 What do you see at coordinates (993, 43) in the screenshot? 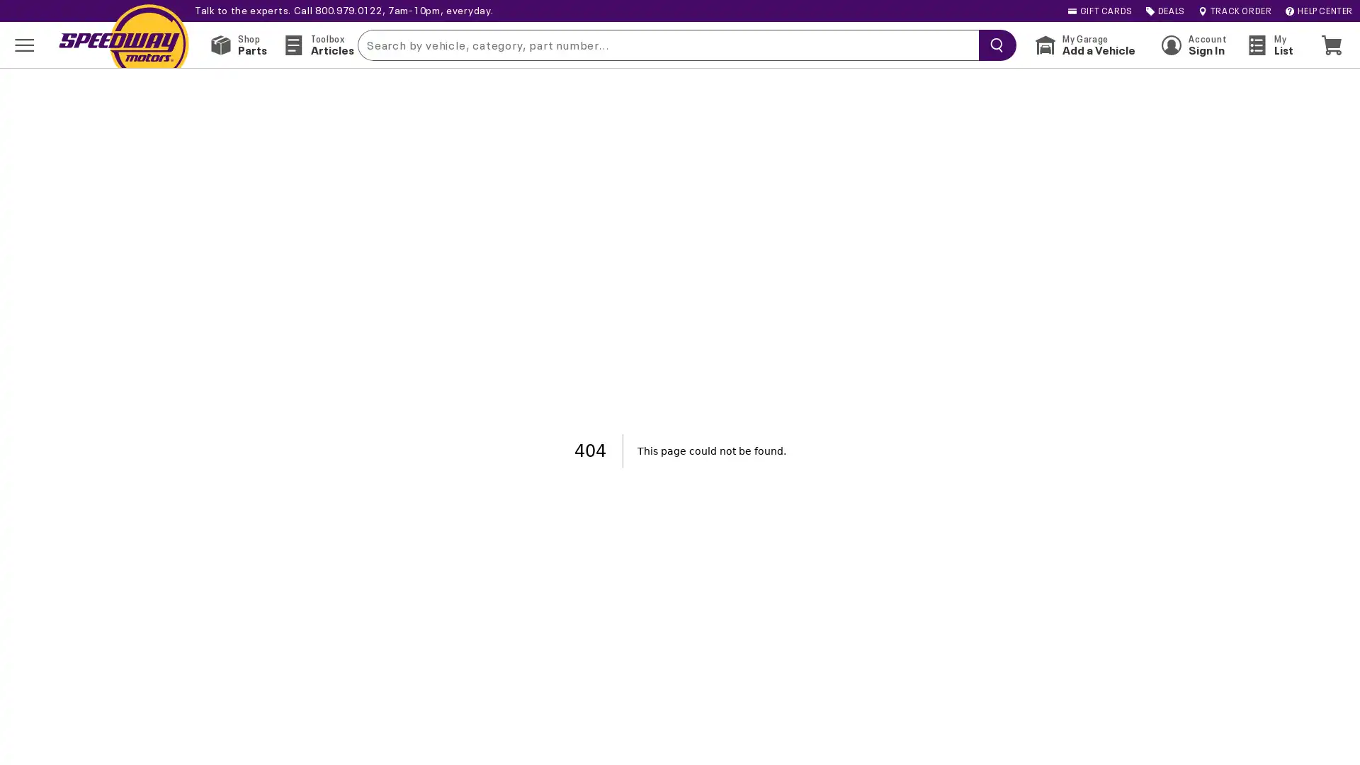
I see `searchButton` at bounding box center [993, 43].